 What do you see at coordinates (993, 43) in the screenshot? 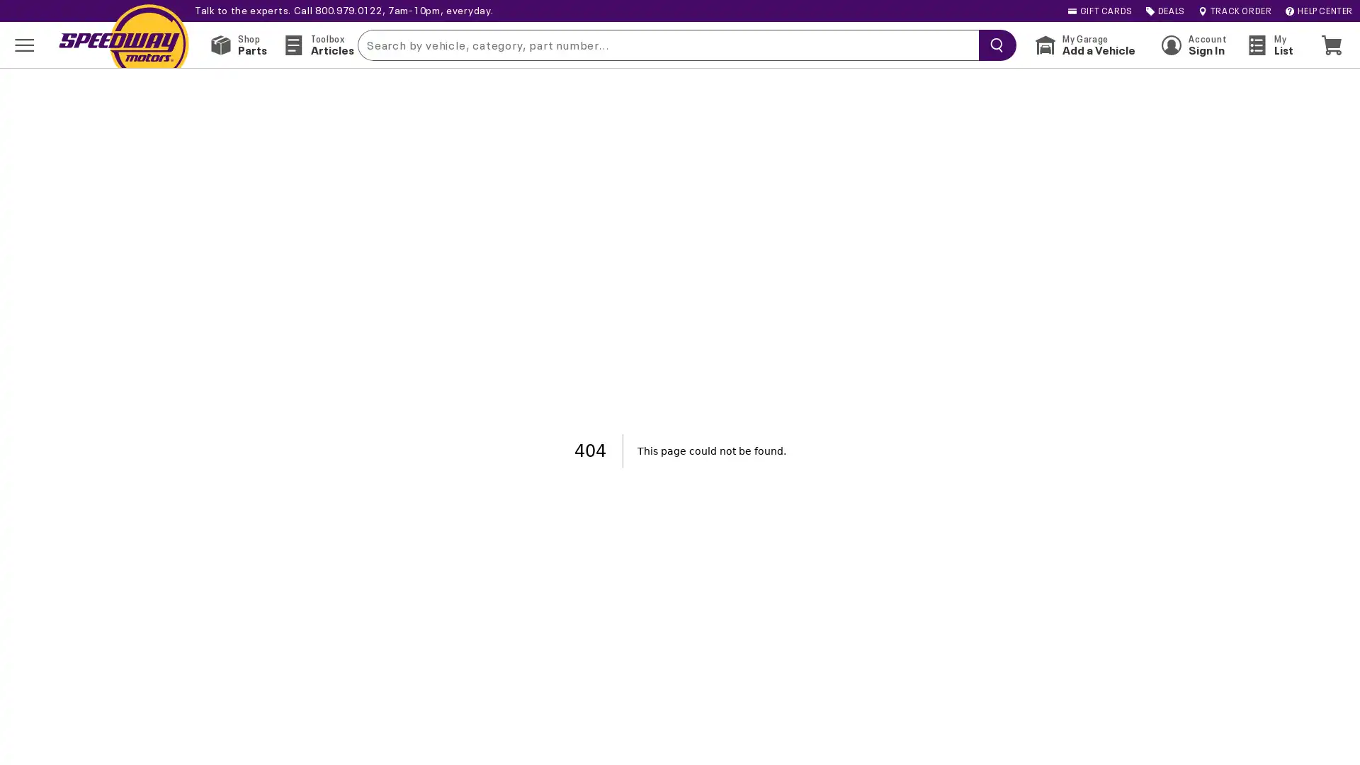
I see `searchButton` at bounding box center [993, 43].